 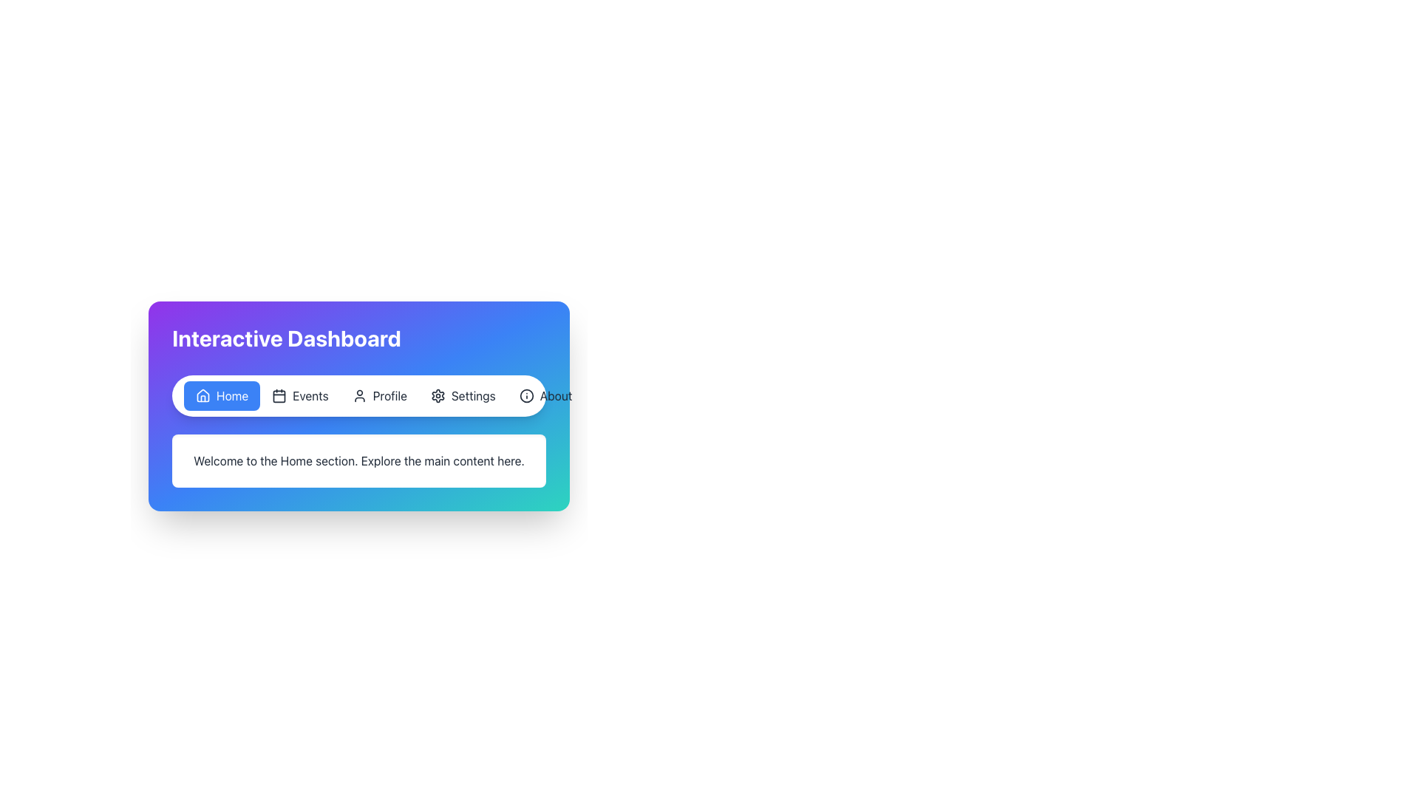 What do you see at coordinates (221, 395) in the screenshot?
I see `the blue rectangular button with a white house icon and 'Home' text, located in the left part of the navigation bar` at bounding box center [221, 395].